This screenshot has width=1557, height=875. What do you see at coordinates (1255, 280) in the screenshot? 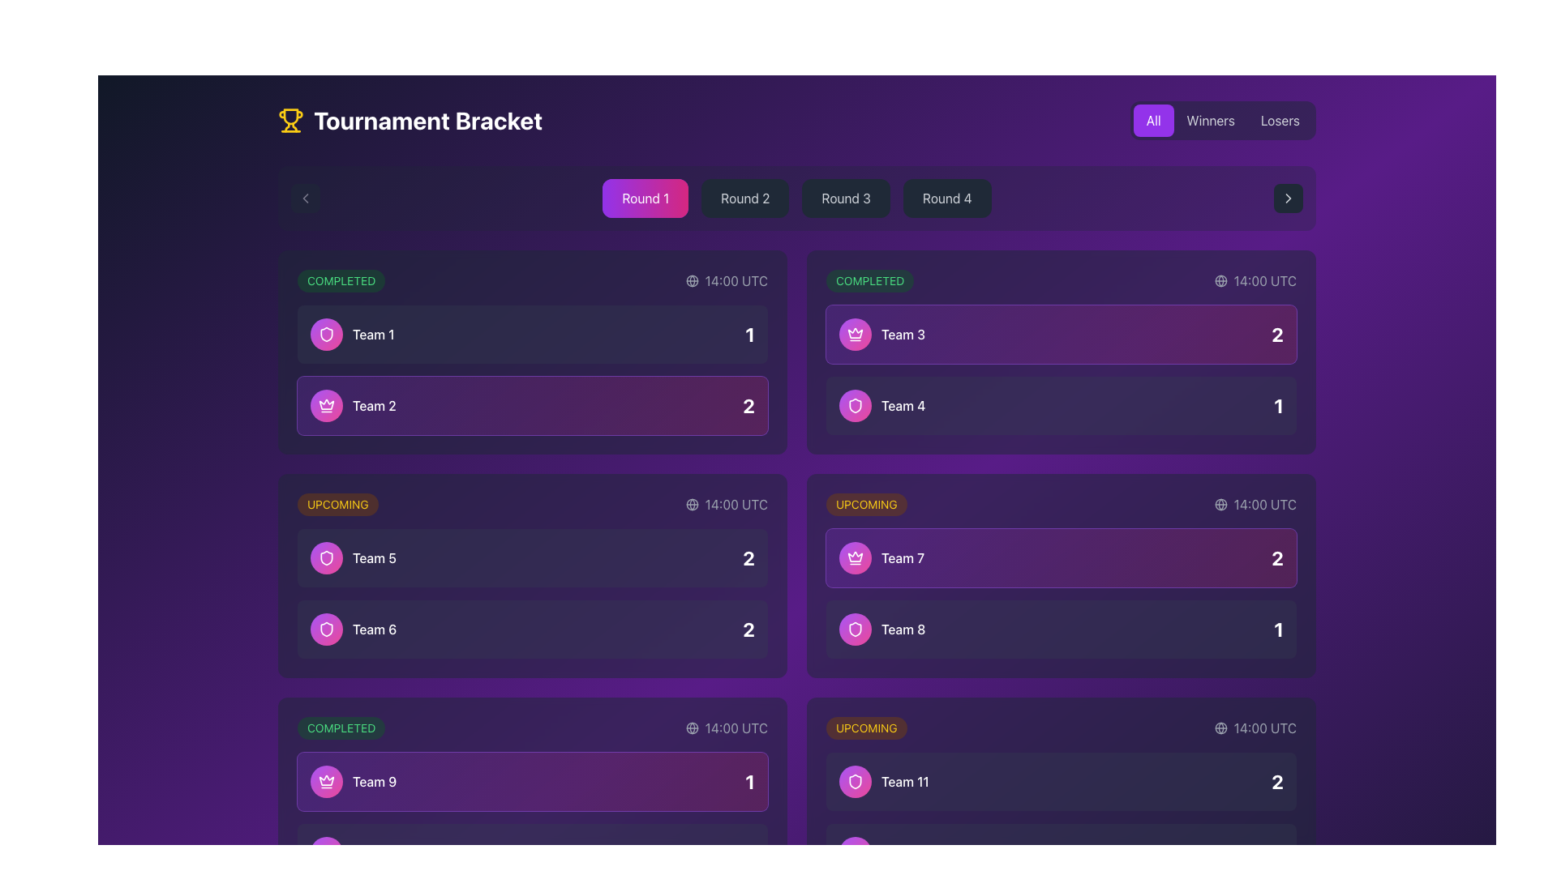
I see `the label displaying '14:00 UTC' with a globe icon, located near the top-right corner of the 'COMPLETED' section` at bounding box center [1255, 280].